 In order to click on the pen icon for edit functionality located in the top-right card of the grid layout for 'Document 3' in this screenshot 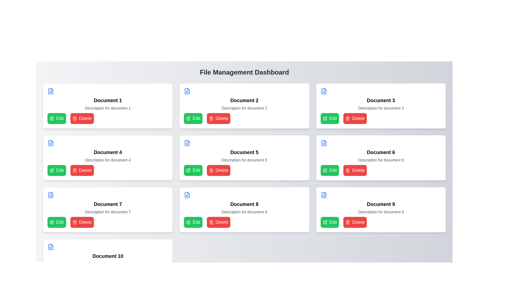, I will do `click(325, 118)`.